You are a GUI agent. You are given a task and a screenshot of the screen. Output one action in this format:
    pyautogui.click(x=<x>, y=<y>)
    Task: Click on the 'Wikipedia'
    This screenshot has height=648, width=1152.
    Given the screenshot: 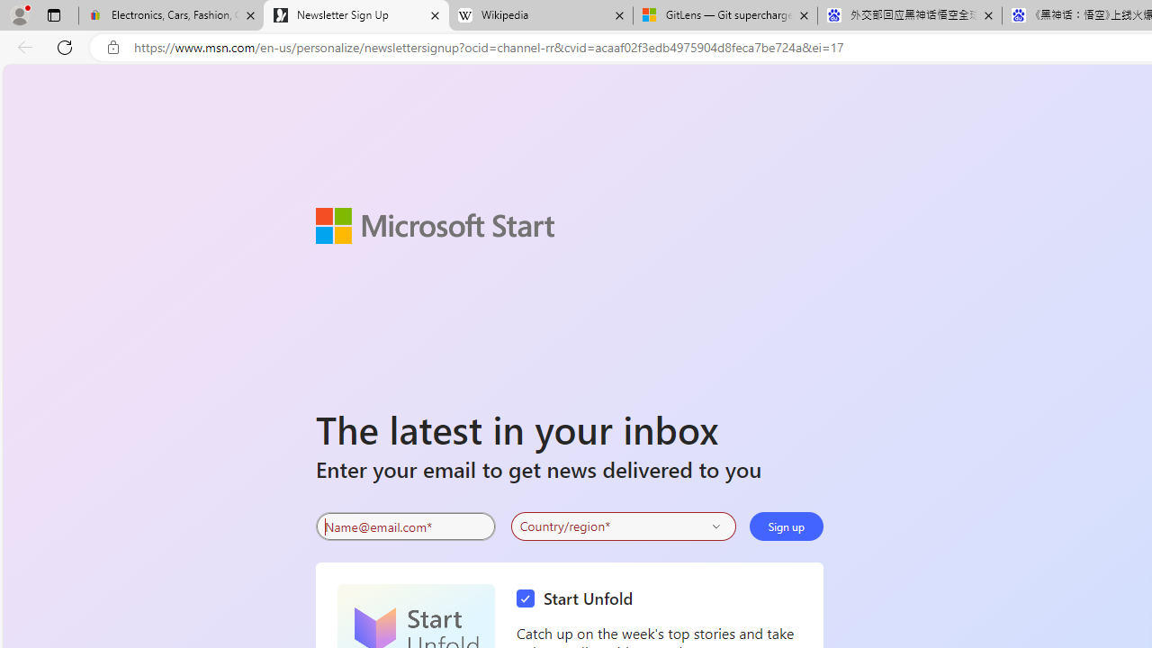 What is the action you would take?
    pyautogui.click(x=539, y=15)
    